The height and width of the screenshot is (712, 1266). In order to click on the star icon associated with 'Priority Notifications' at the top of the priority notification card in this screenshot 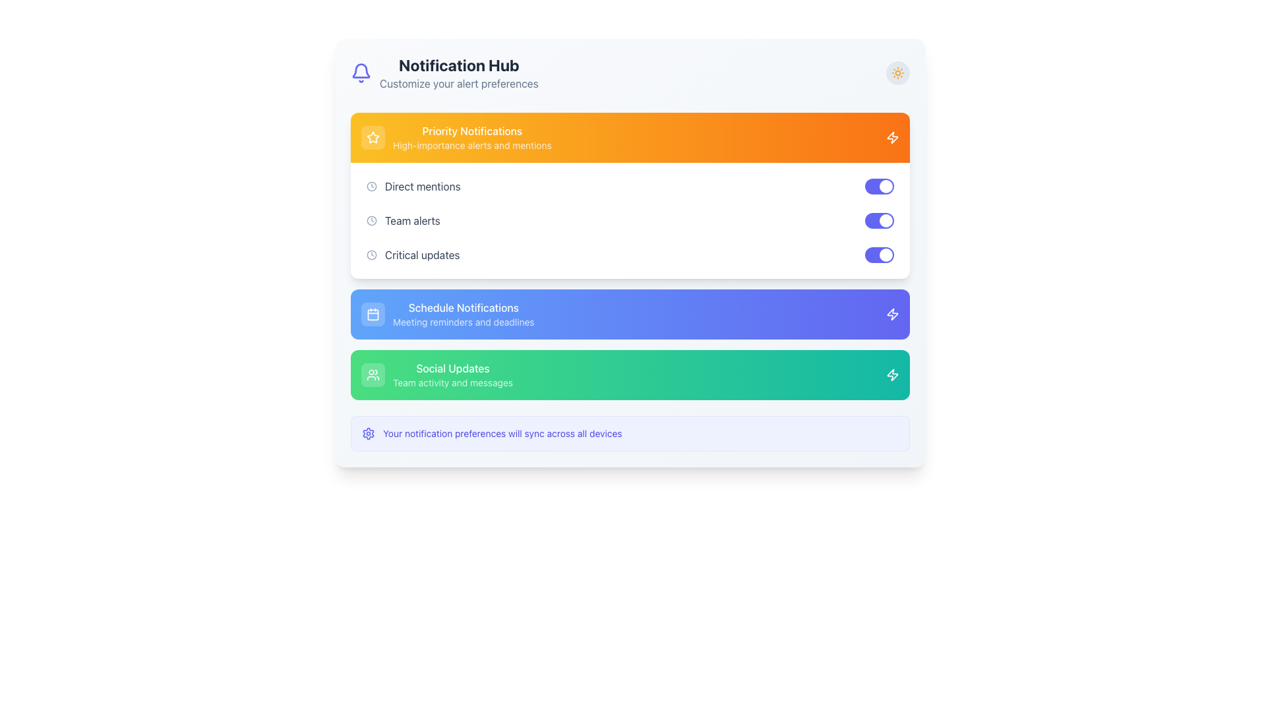, I will do `click(373, 137)`.